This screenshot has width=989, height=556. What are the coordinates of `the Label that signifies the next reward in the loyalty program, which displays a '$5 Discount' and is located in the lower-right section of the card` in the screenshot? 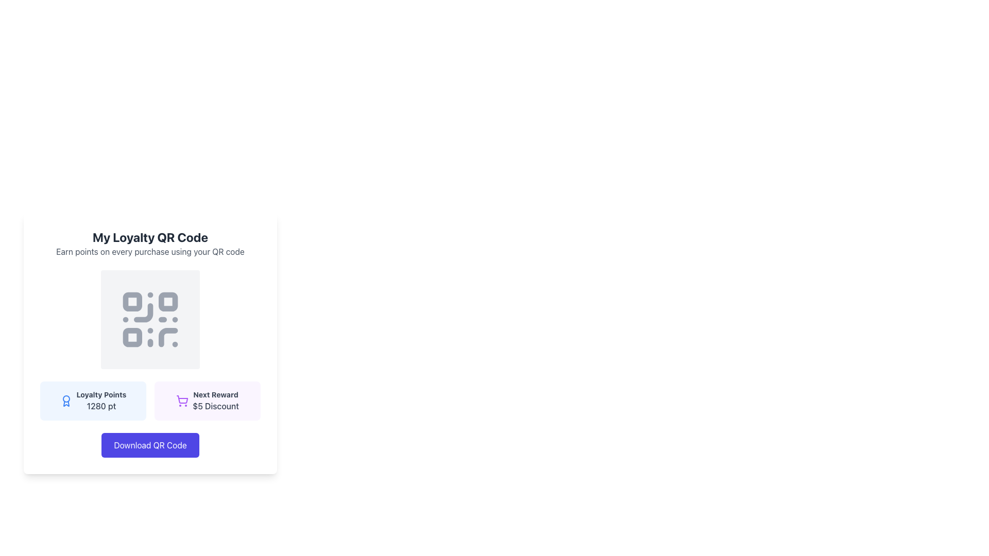 It's located at (215, 401).